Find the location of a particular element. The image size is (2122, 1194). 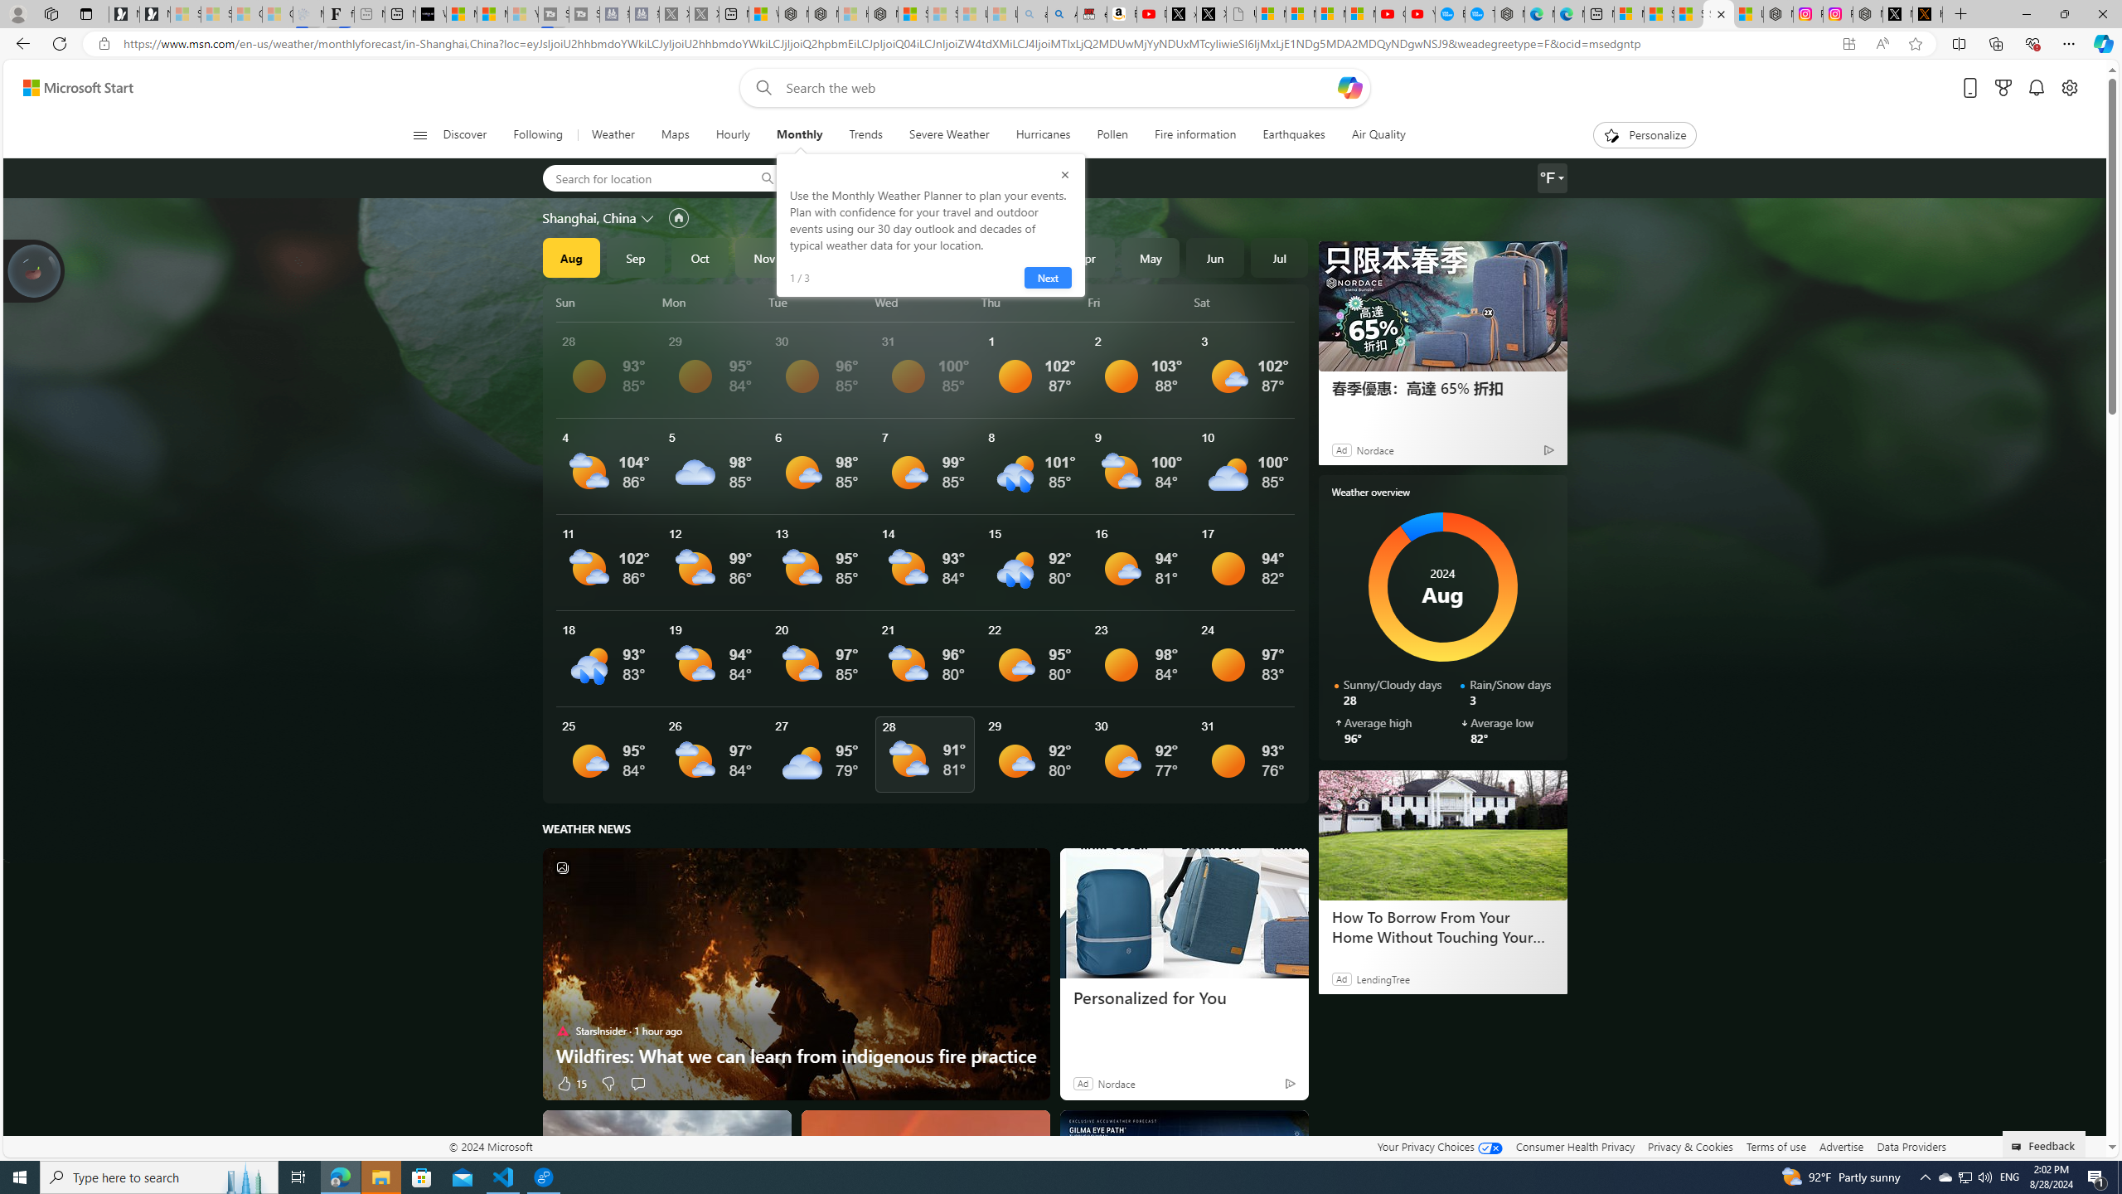

'amazon - Search - Sleeping' is located at coordinates (1031, 13).